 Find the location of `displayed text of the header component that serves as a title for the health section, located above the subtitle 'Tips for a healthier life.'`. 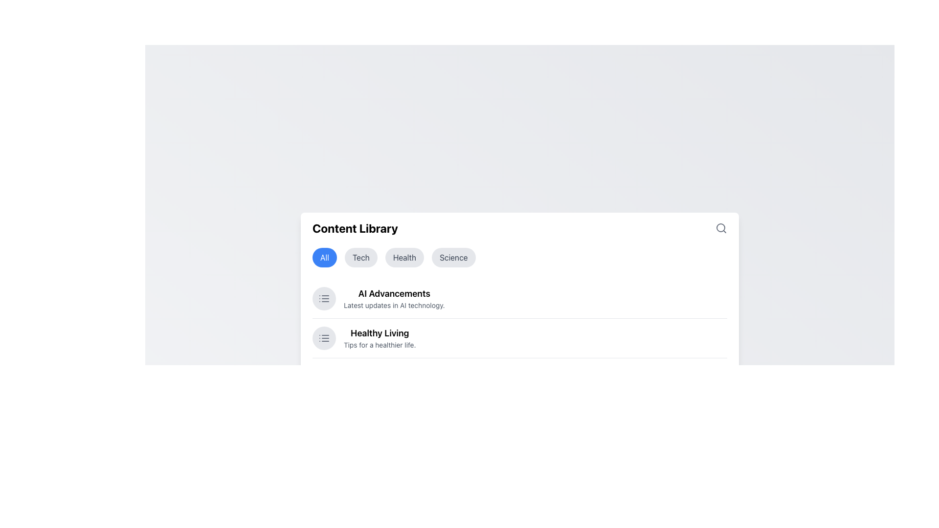

displayed text of the header component that serves as a title for the health section, located above the subtitle 'Tips for a healthier life.' is located at coordinates (379, 333).